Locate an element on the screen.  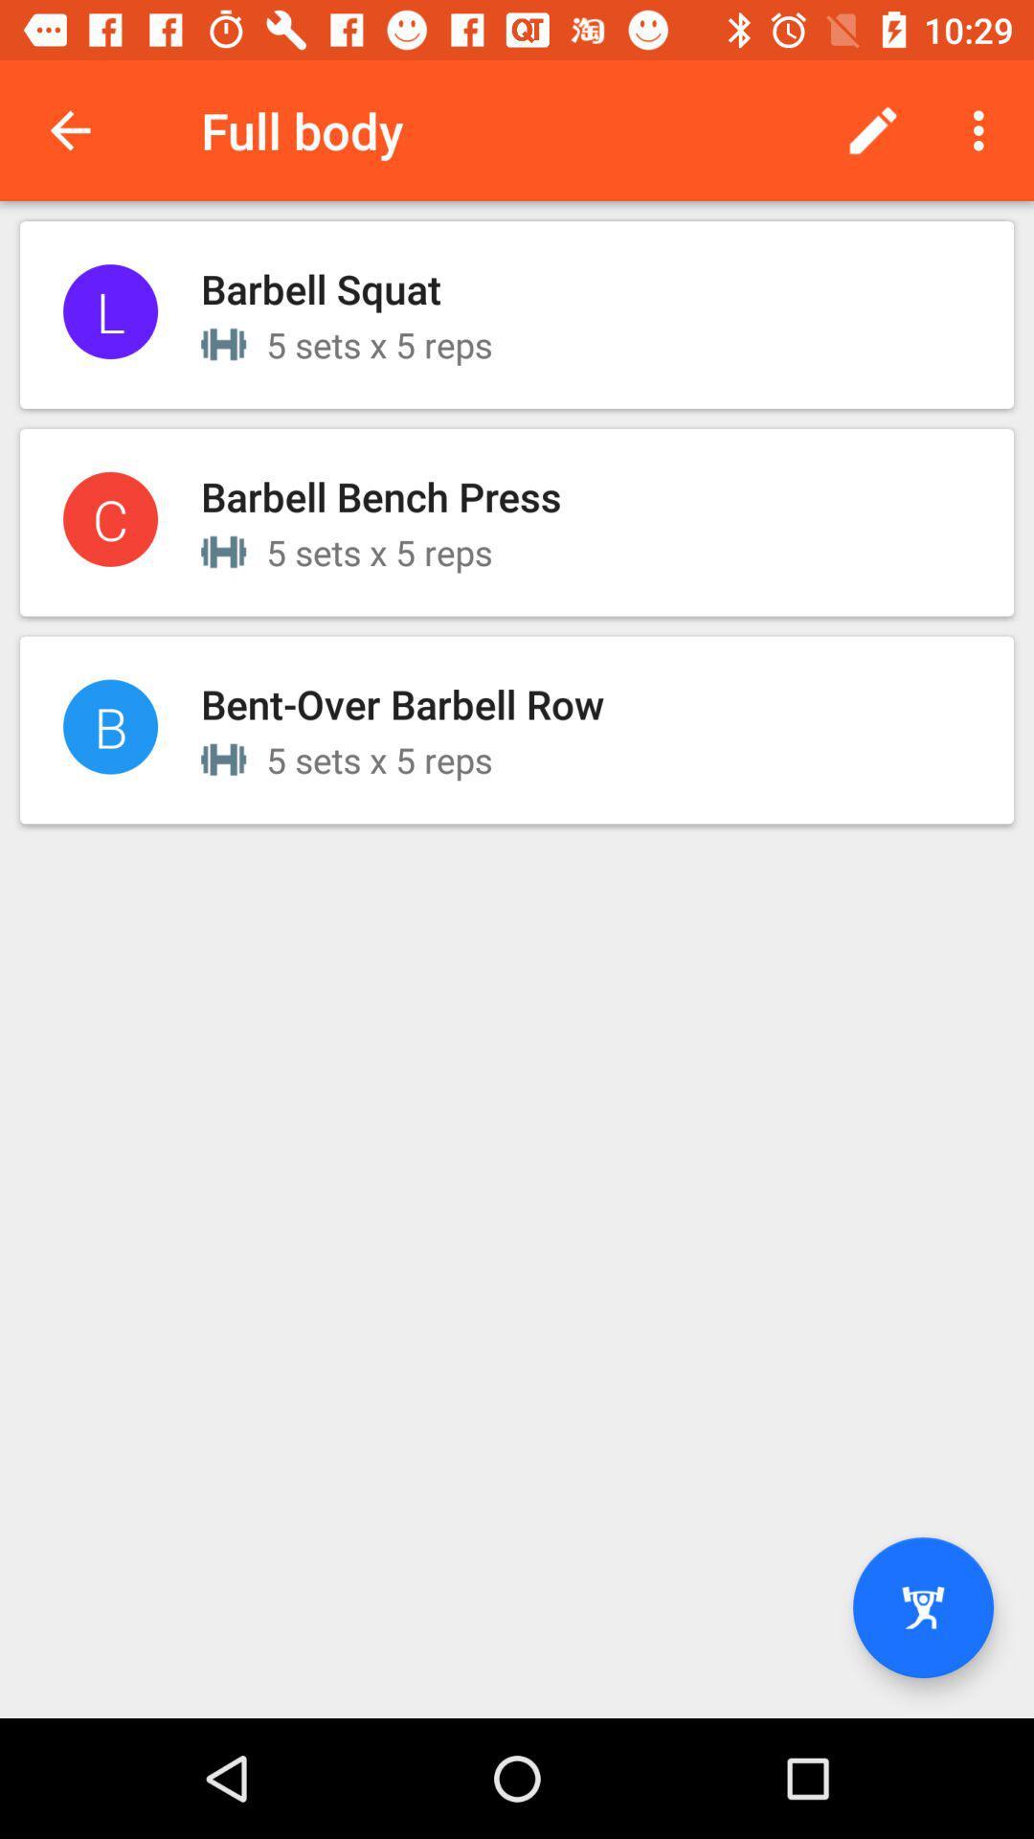
icon at the bottom right corner is located at coordinates (922, 1607).